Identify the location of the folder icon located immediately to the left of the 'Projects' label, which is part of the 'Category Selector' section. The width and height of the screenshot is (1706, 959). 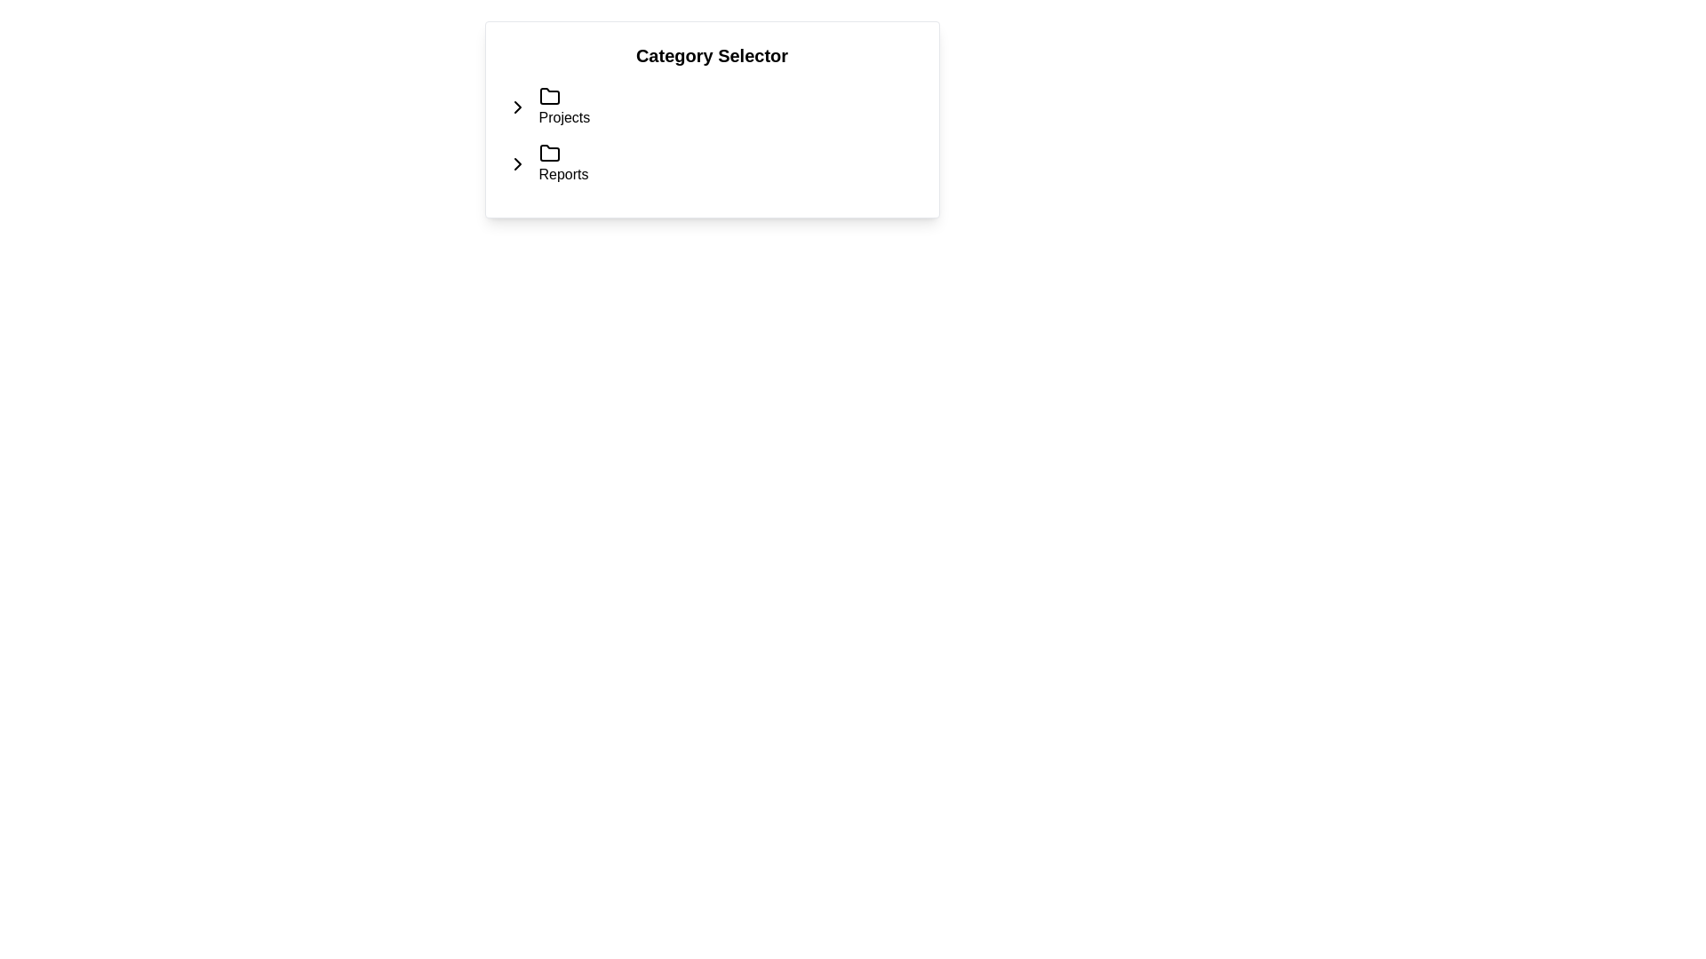
(548, 96).